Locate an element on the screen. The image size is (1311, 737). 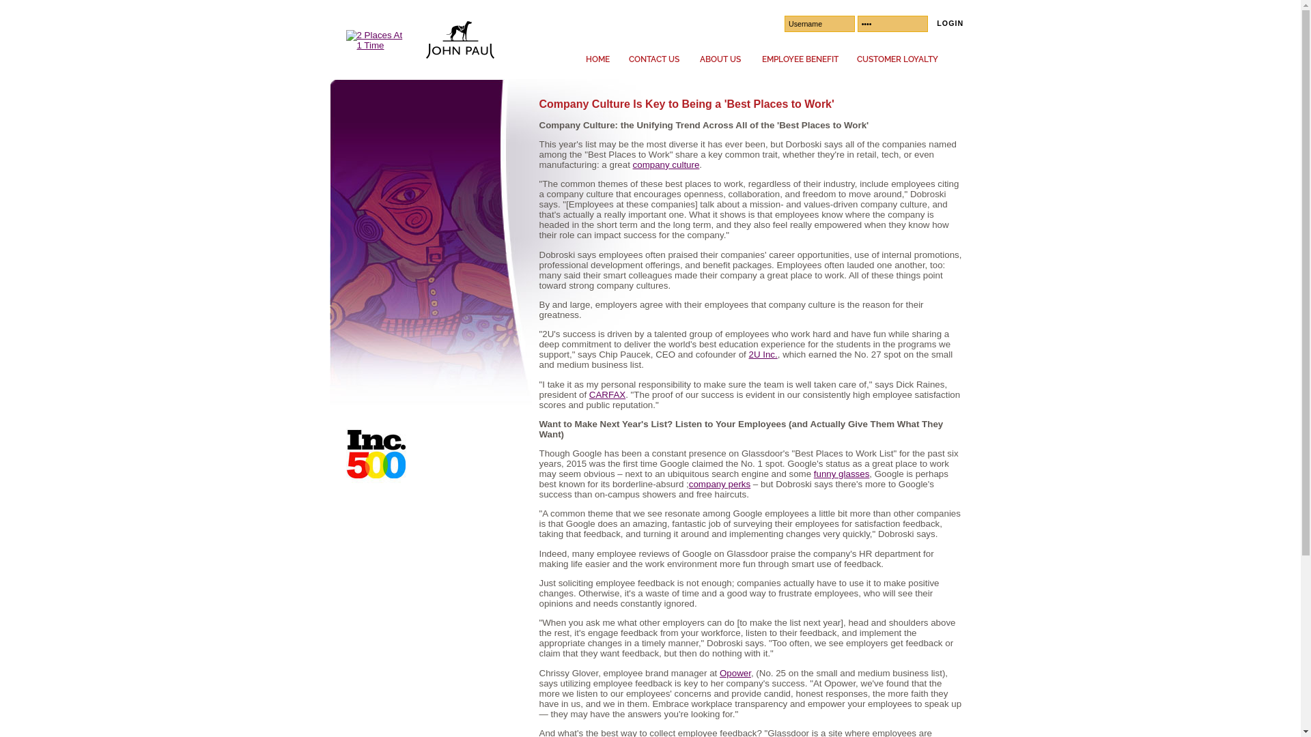
'CARFAX' is located at coordinates (606, 394).